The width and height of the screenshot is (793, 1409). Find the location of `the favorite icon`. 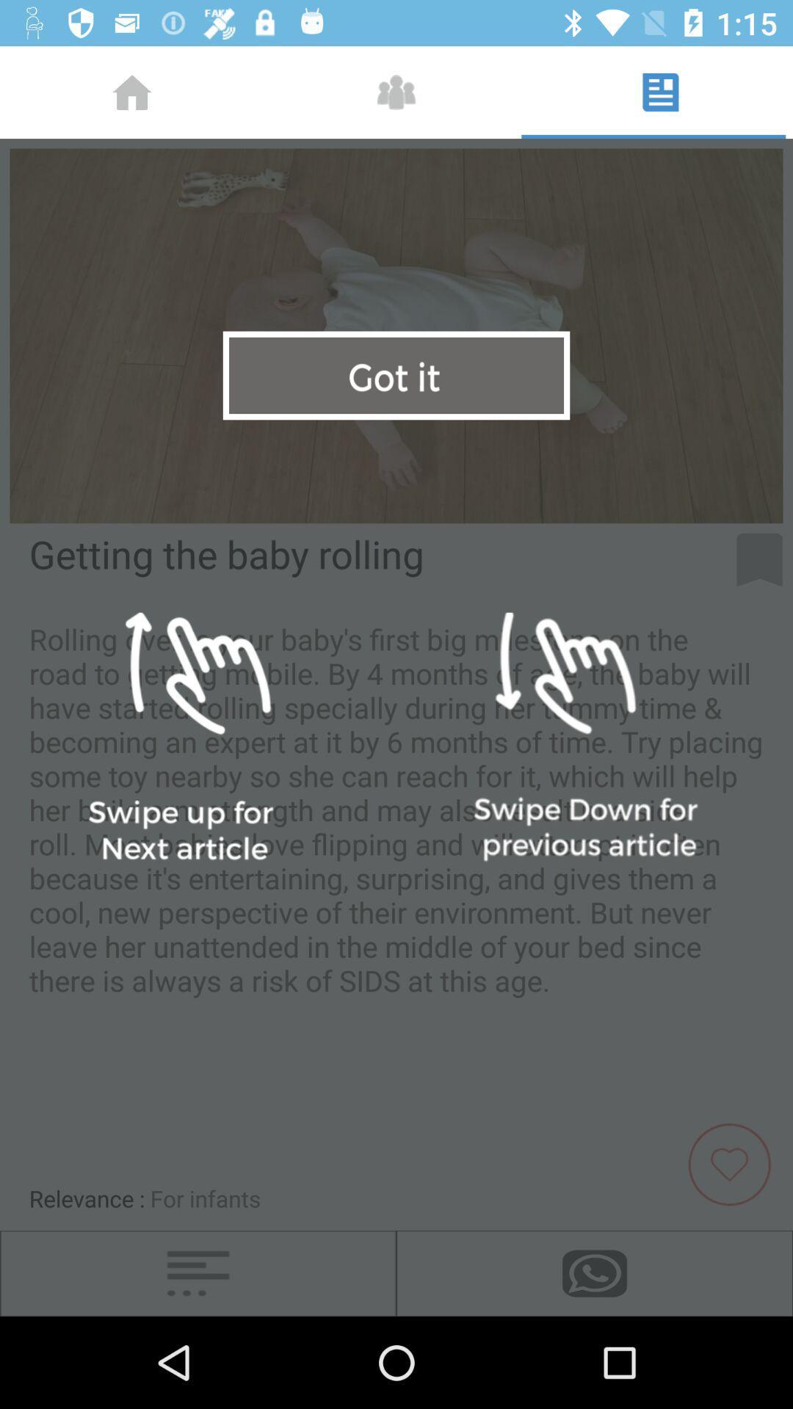

the favorite icon is located at coordinates (735, 1162).